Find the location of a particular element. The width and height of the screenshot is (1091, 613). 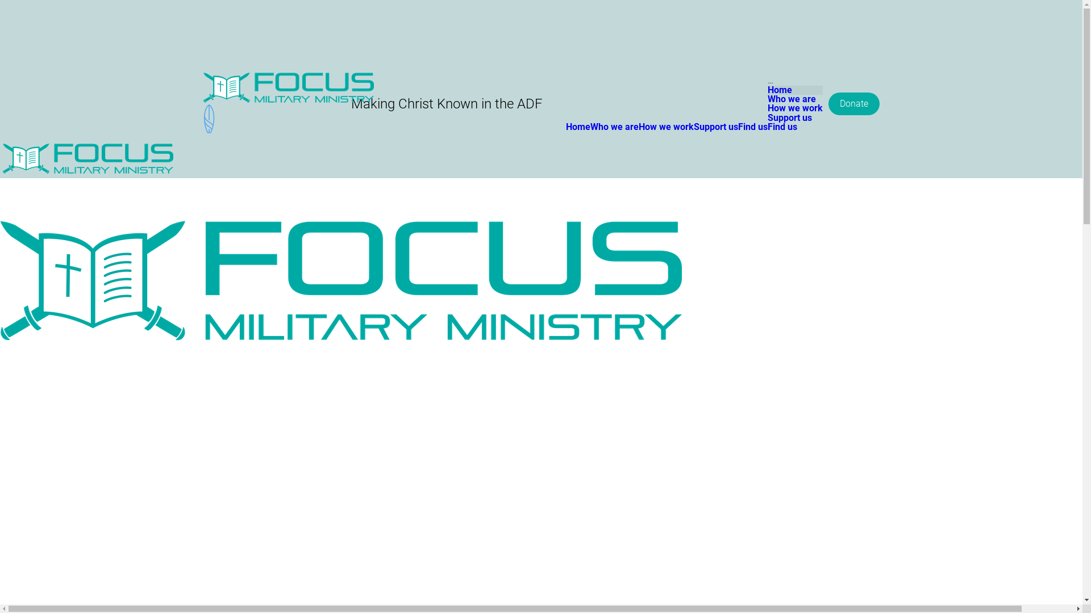

'Home' is located at coordinates (566, 127).